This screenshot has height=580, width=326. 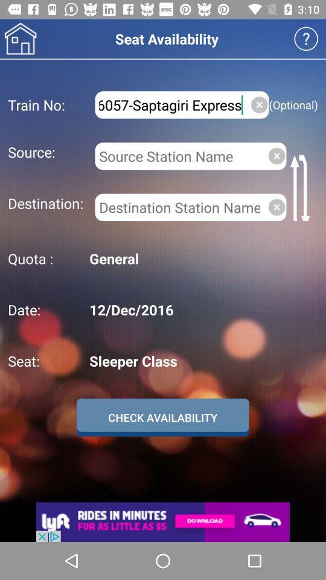 What do you see at coordinates (276, 155) in the screenshot?
I see `clear the current source station name` at bounding box center [276, 155].